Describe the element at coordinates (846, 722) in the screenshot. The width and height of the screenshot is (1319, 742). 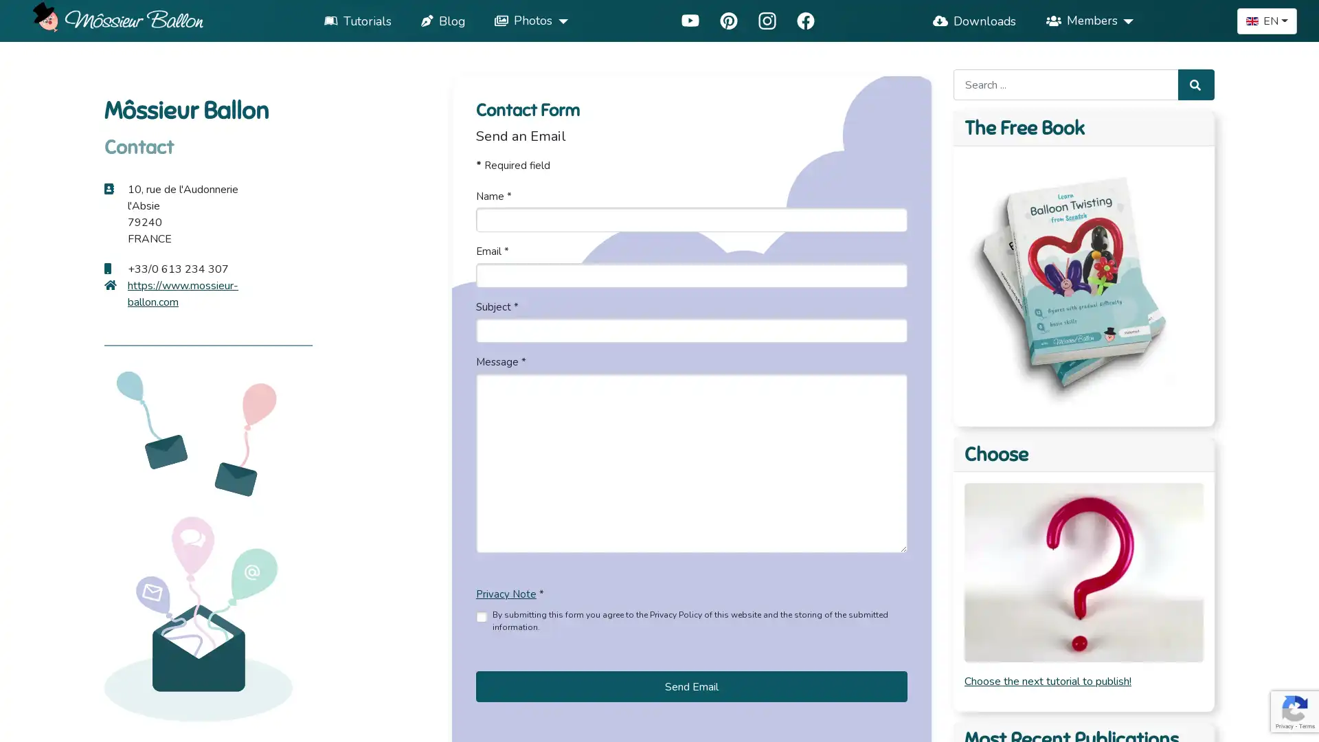
I see `Deny all cookies` at that location.